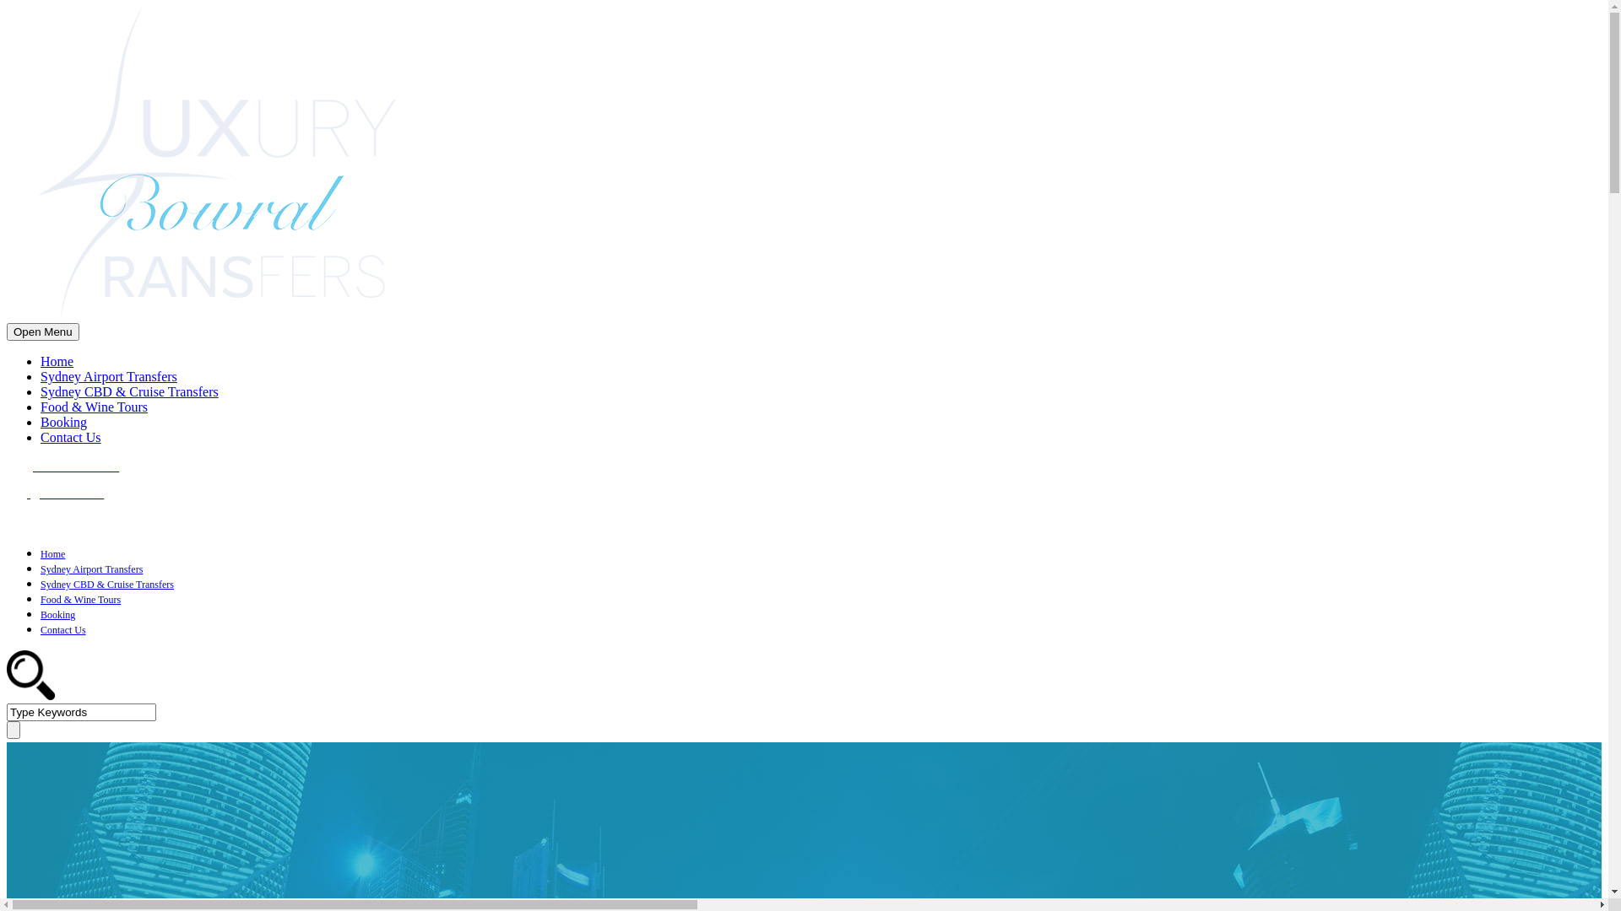  What do you see at coordinates (57, 360) in the screenshot?
I see `'Home'` at bounding box center [57, 360].